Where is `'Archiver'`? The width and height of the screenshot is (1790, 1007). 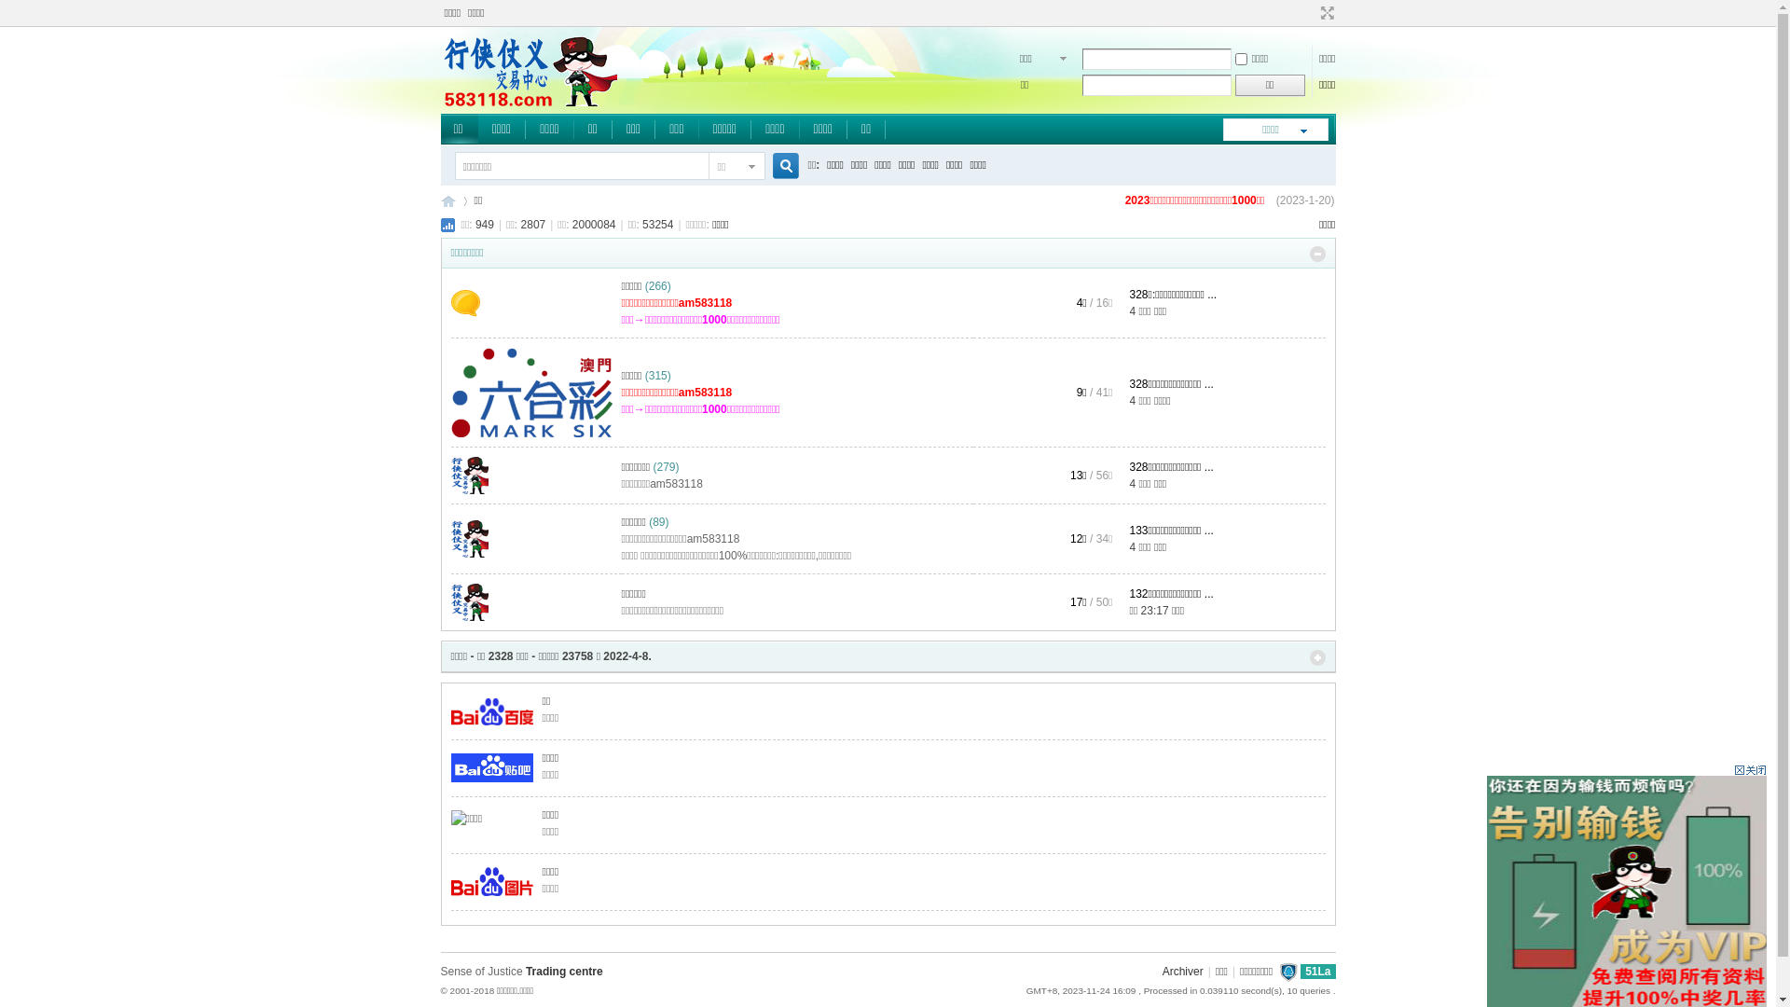 'Archiver' is located at coordinates (1181, 970).